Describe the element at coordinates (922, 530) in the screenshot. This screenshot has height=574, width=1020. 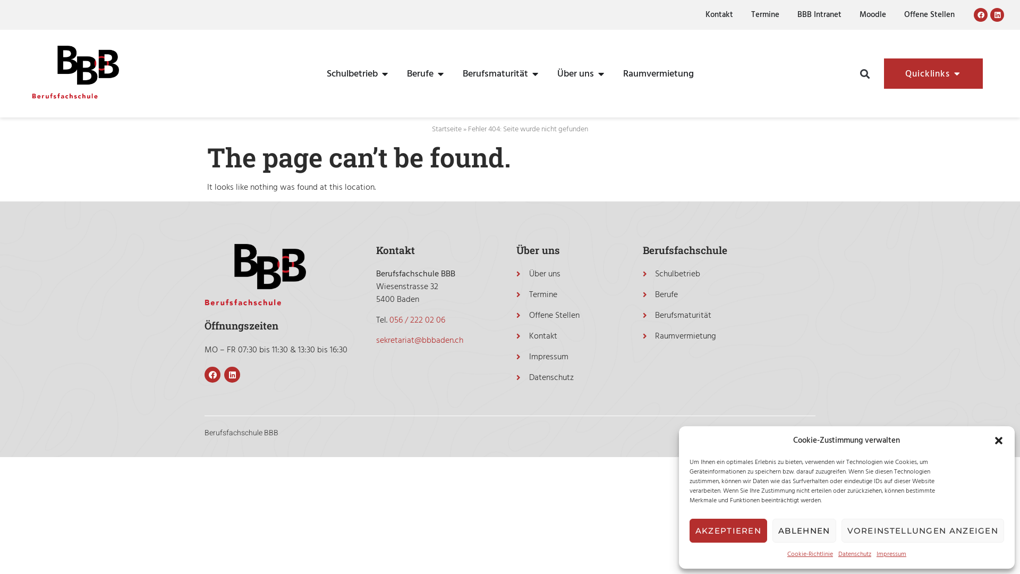
I see `'VOREINSTELLUNGEN ANZEIGEN'` at that location.